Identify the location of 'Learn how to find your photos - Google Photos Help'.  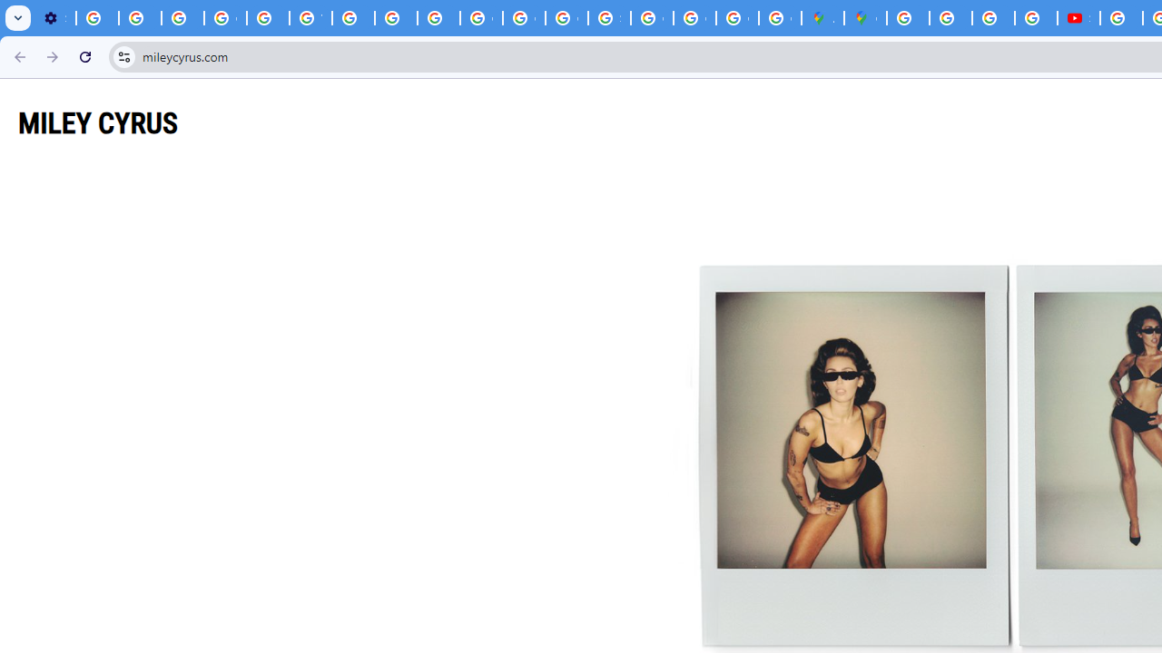
(139, 18).